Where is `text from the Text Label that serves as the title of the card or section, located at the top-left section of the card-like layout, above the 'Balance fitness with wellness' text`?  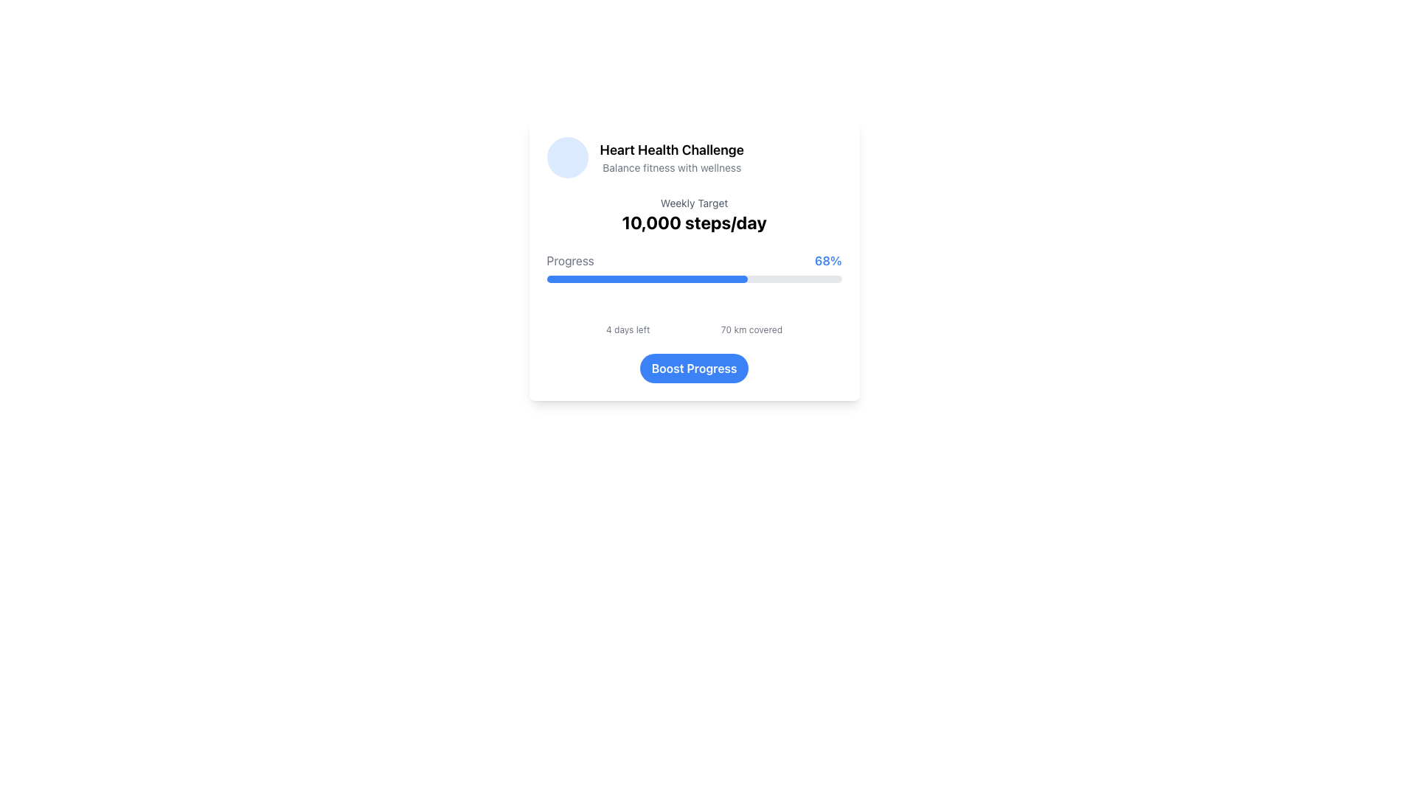
text from the Text Label that serves as the title of the card or section, located at the top-left section of the card-like layout, above the 'Balance fitness with wellness' text is located at coordinates (671, 150).